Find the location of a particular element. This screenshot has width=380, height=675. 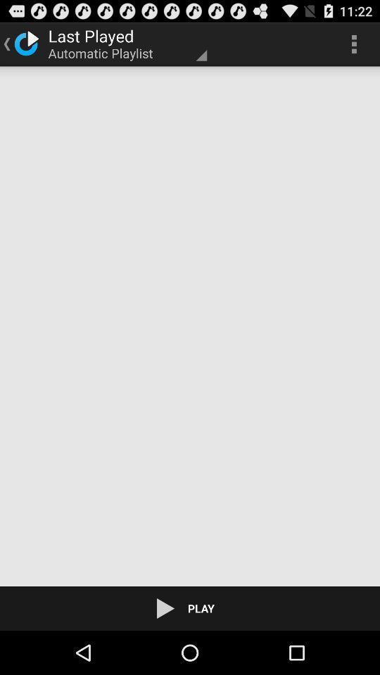

item at the top right corner is located at coordinates (353, 44).